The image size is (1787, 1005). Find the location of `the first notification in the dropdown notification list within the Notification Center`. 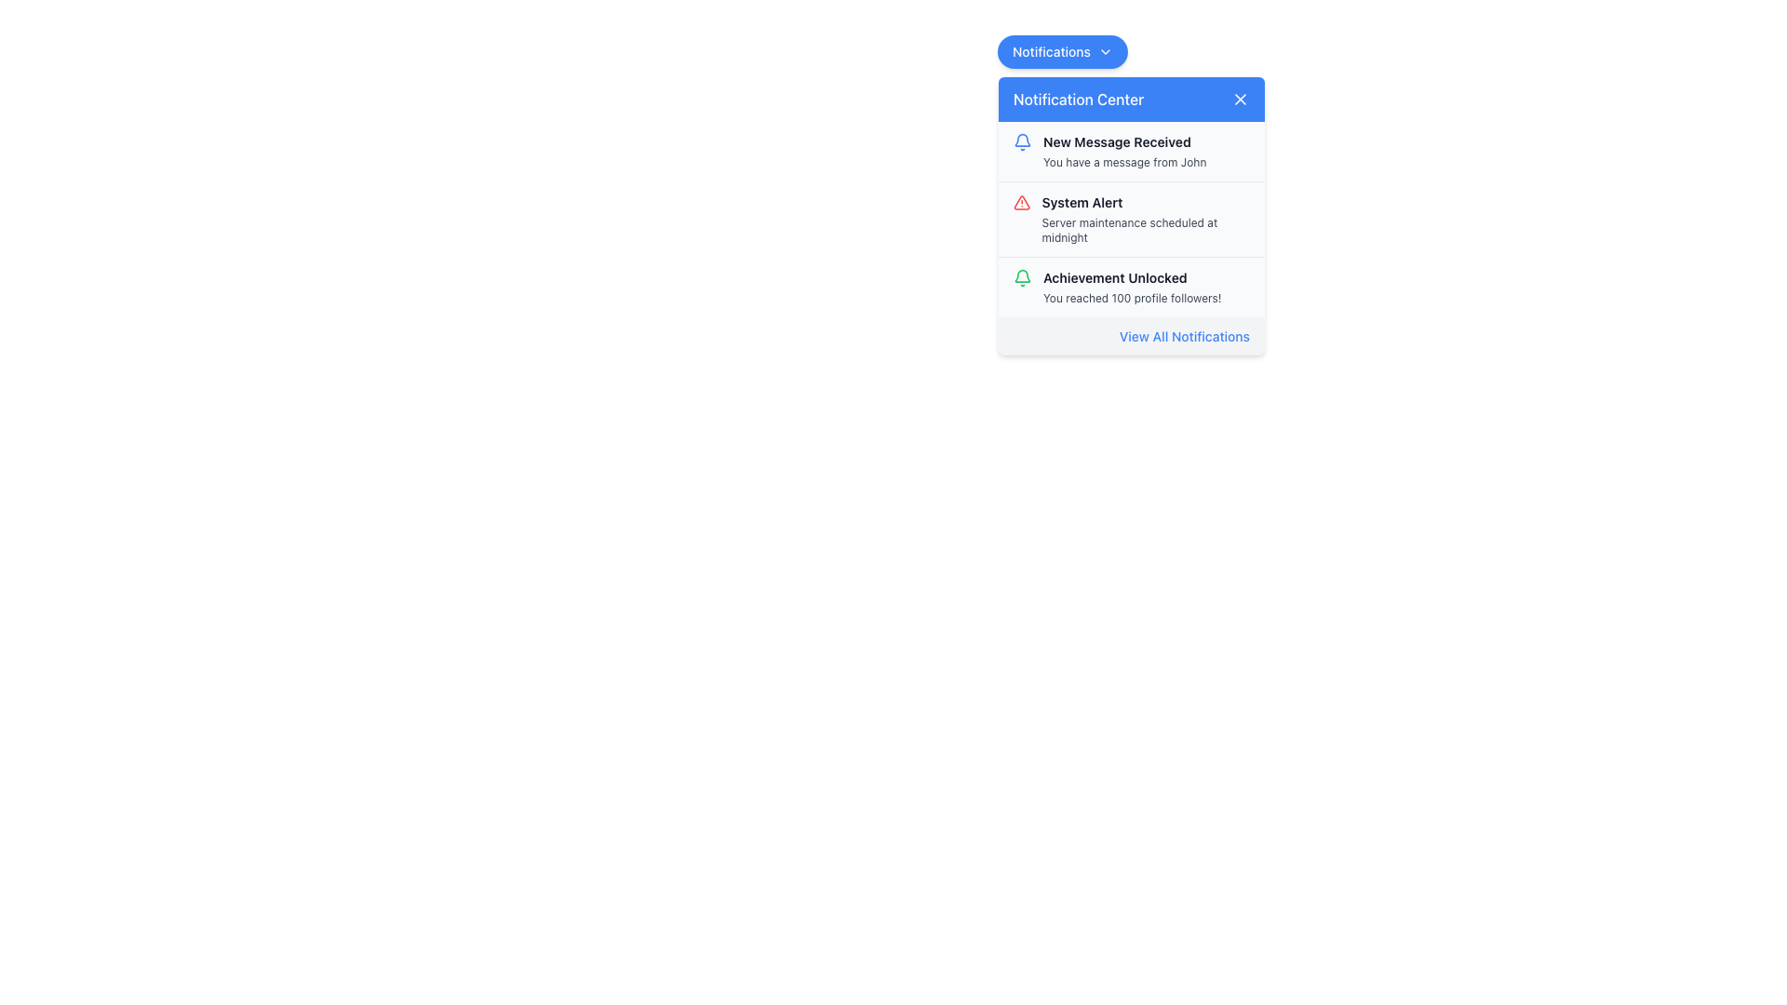

the first notification in the dropdown notification list within the Notification Center is located at coordinates (1123, 150).